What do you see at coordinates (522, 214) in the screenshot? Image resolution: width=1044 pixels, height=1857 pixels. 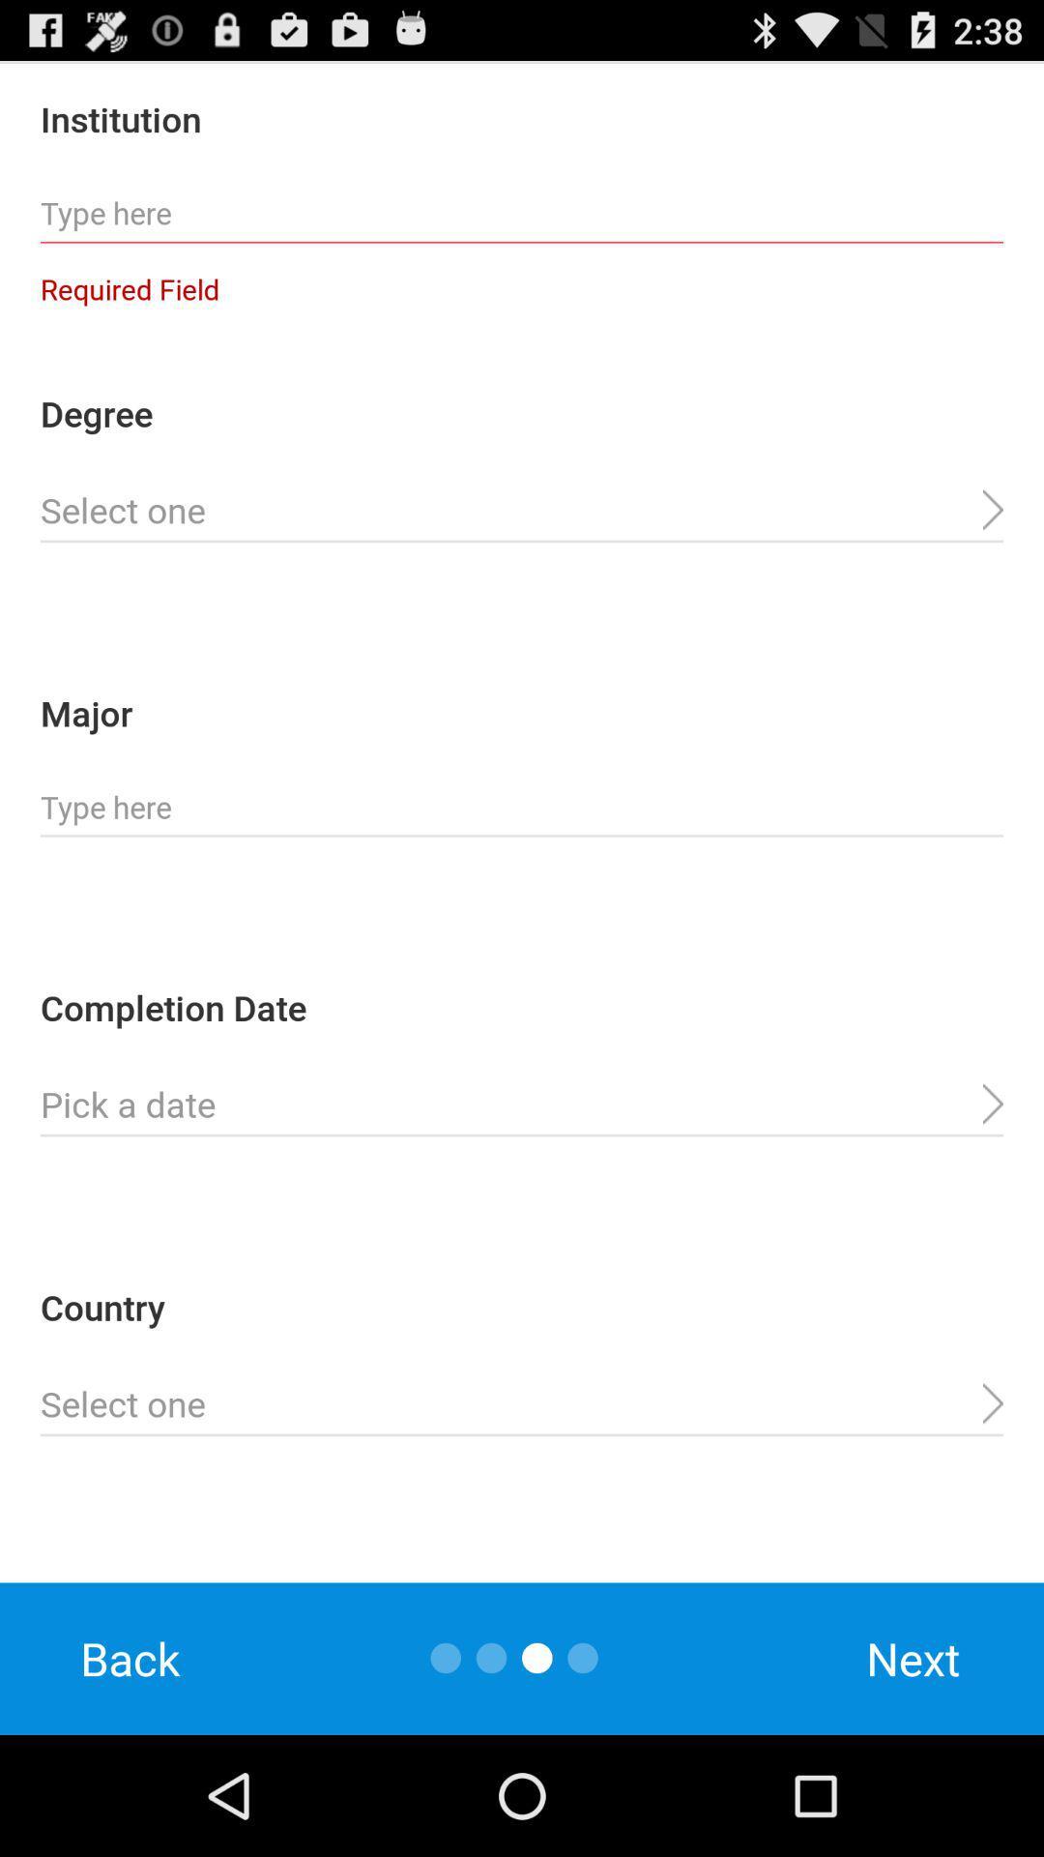 I see `box of text for institution` at bounding box center [522, 214].